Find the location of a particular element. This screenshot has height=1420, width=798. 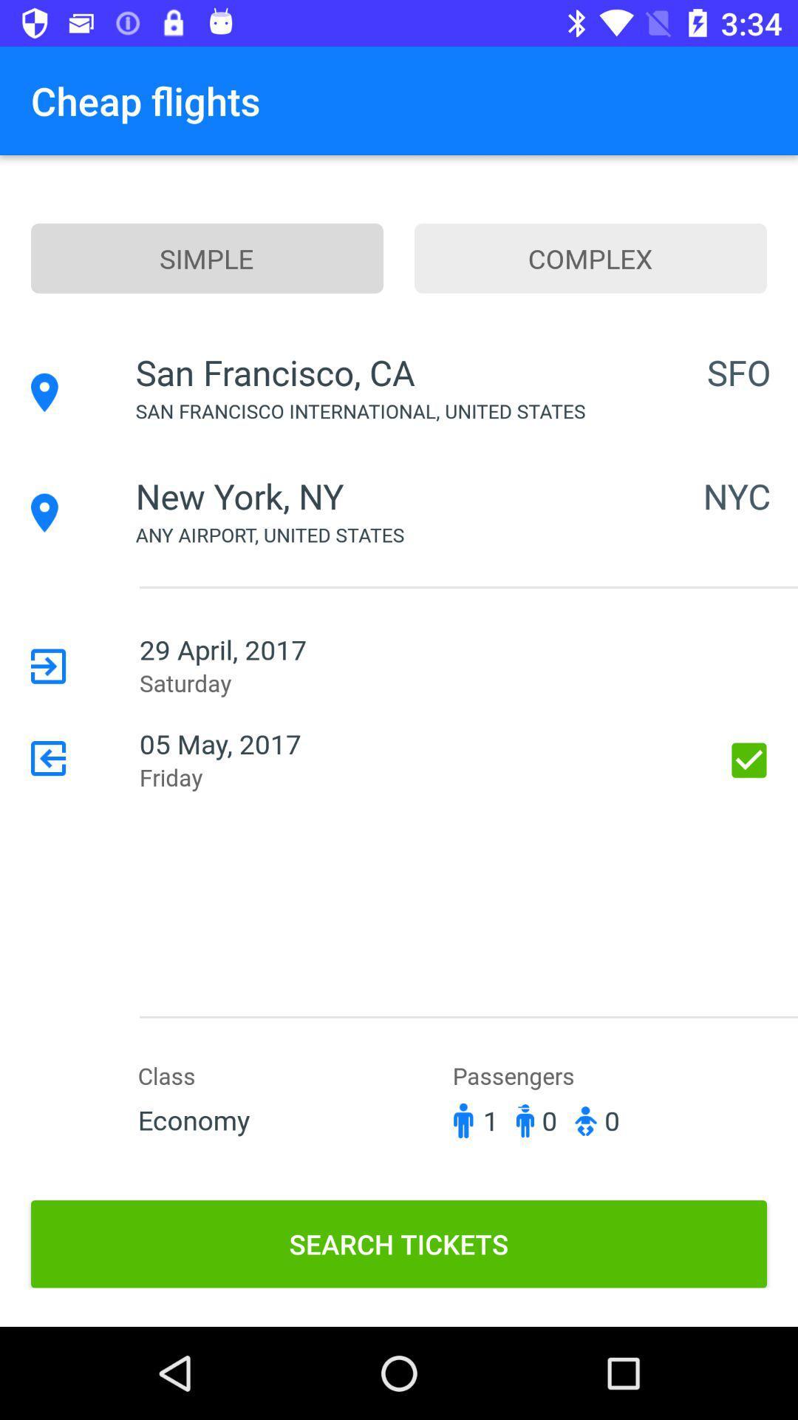

the icon above the san francisco, ca icon is located at coordinates (207, 258).